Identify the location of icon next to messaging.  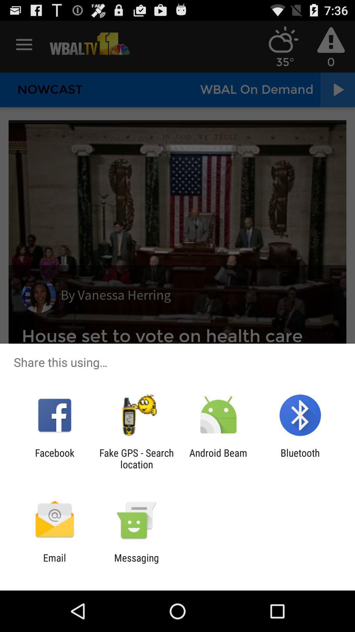
(54, 563).